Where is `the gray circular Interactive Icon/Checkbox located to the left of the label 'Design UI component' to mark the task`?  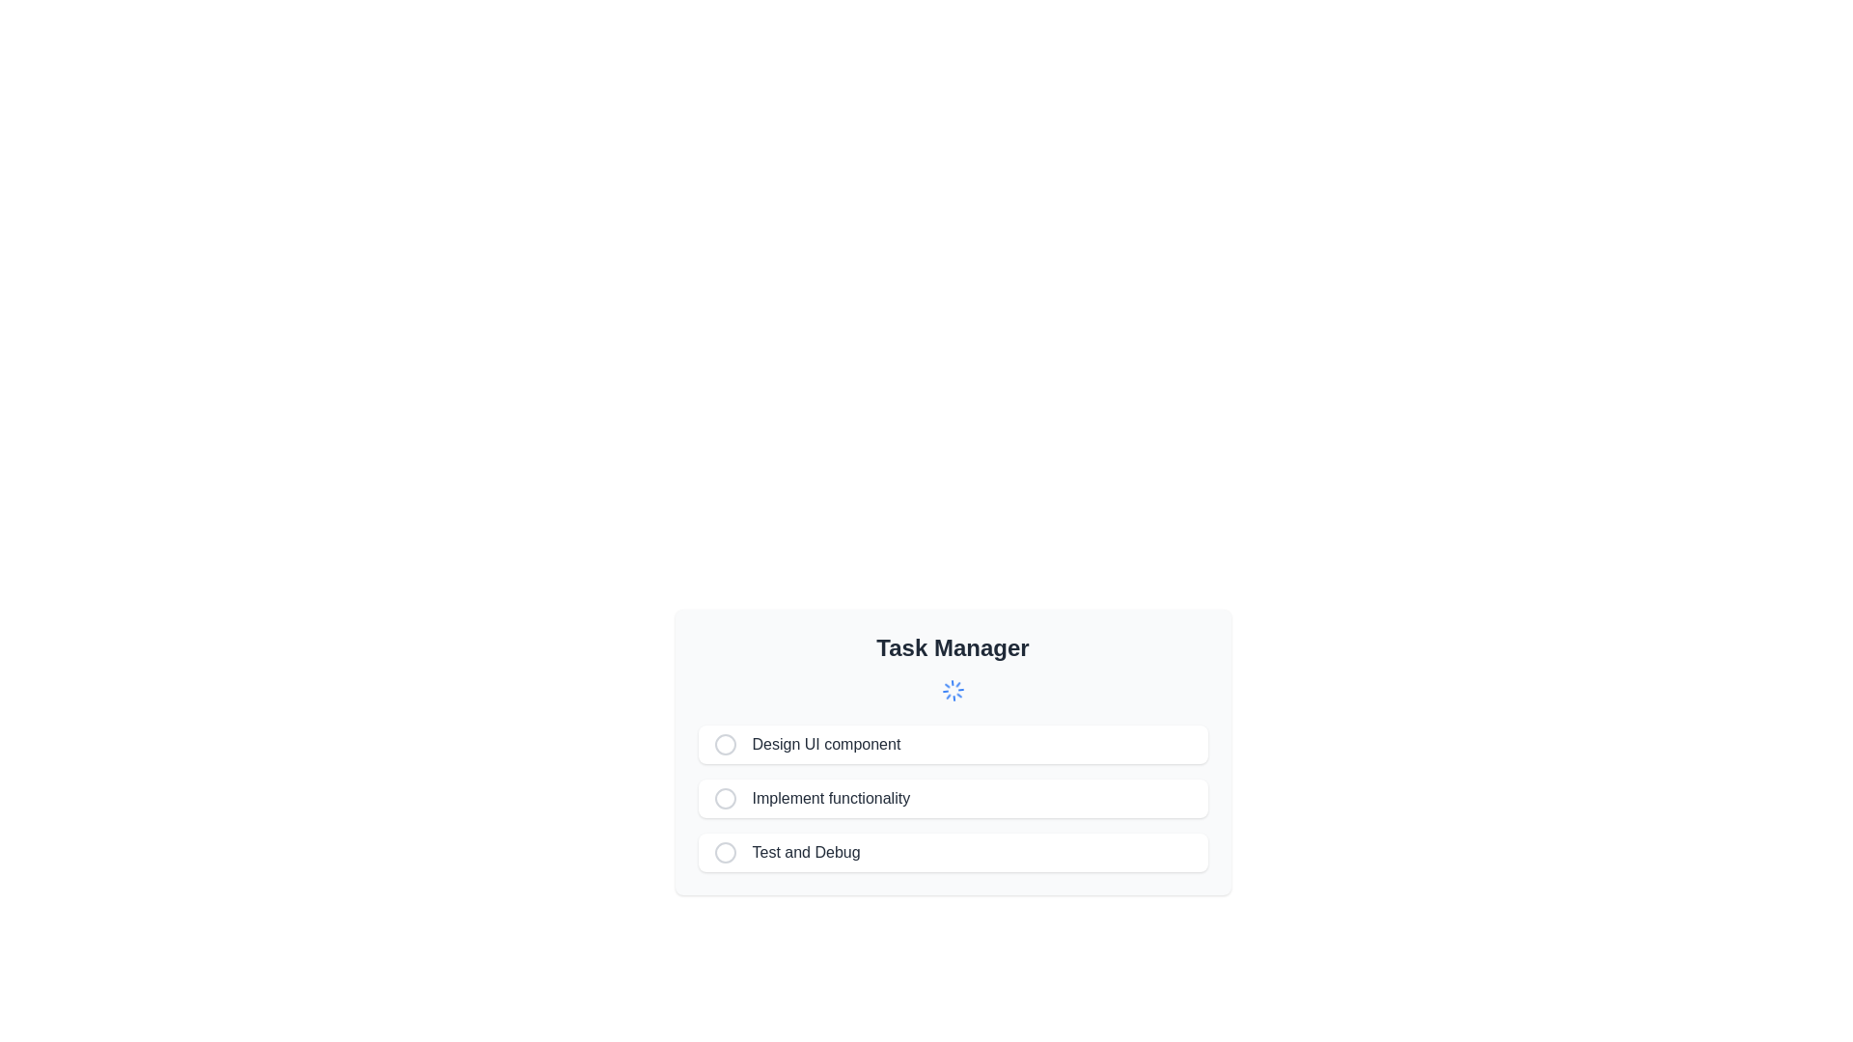 the gray circular Interactive Icon/Checkbox located to the left of the label 'Design UI component' to mark the task is located at coordinates (732, 743).